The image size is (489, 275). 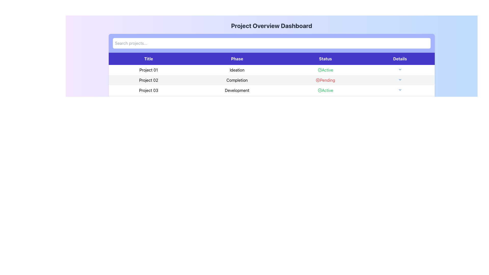 What do you see at coordinates (237, 90) in the screenshot?
I see `the static text label displaying the current phase of 'Project 03' in the second column of the last row in the table` at bounding box center [237, 90].